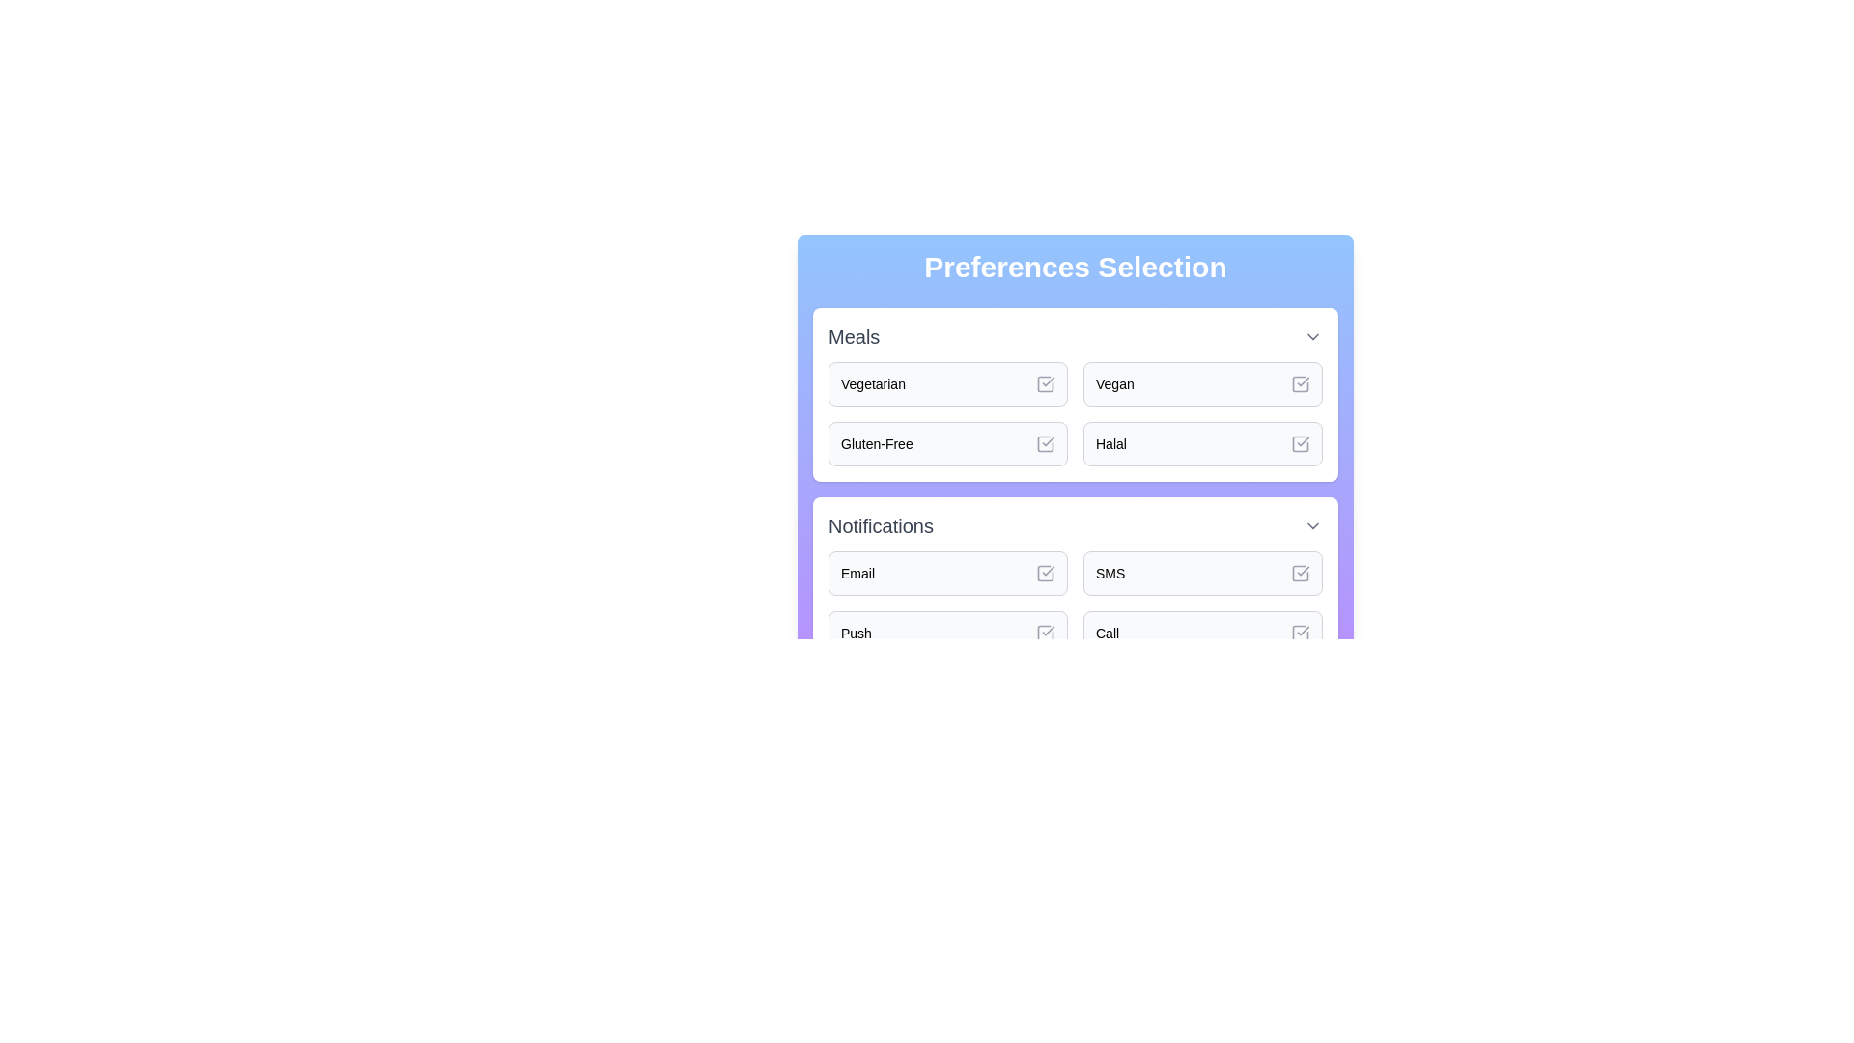 The height and width of the screenshot is (1043, 1854). What do you see at coordinates (1108, 633) in the screenshot?
I see `text label displaying 'Call' in a medium-sized sans-serif font within the Notifications section for comprehension` at bounding box center [1108, 633].